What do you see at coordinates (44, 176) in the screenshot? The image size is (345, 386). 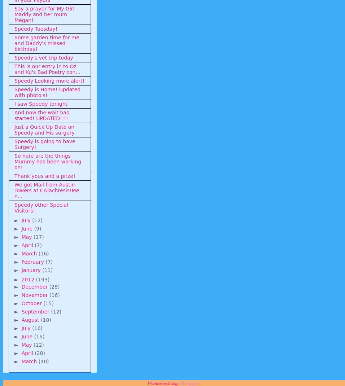 I see `'Thank yous and a prize!'` at bounding box center [44, 176].